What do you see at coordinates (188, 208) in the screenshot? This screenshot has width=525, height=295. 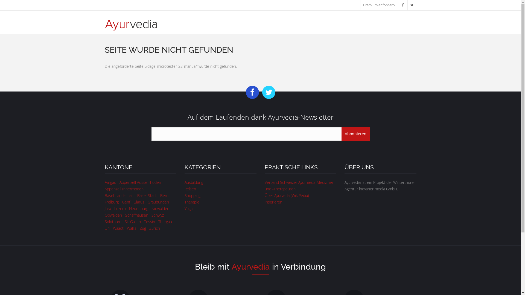 I see `'Yoga'` at bounding box center [188, 208].